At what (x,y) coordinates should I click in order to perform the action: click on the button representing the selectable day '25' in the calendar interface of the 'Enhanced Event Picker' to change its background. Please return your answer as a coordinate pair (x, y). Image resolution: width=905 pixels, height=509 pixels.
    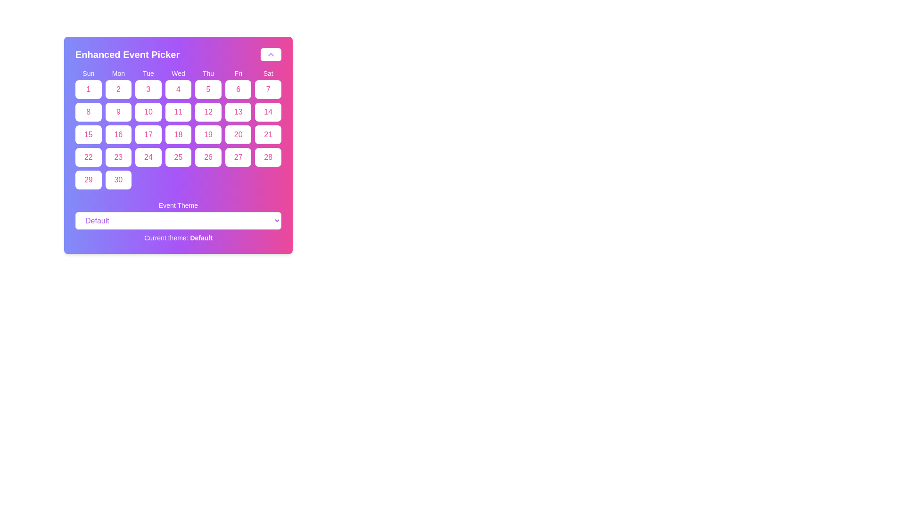
    Looking at the image, I should click on (178, 157).